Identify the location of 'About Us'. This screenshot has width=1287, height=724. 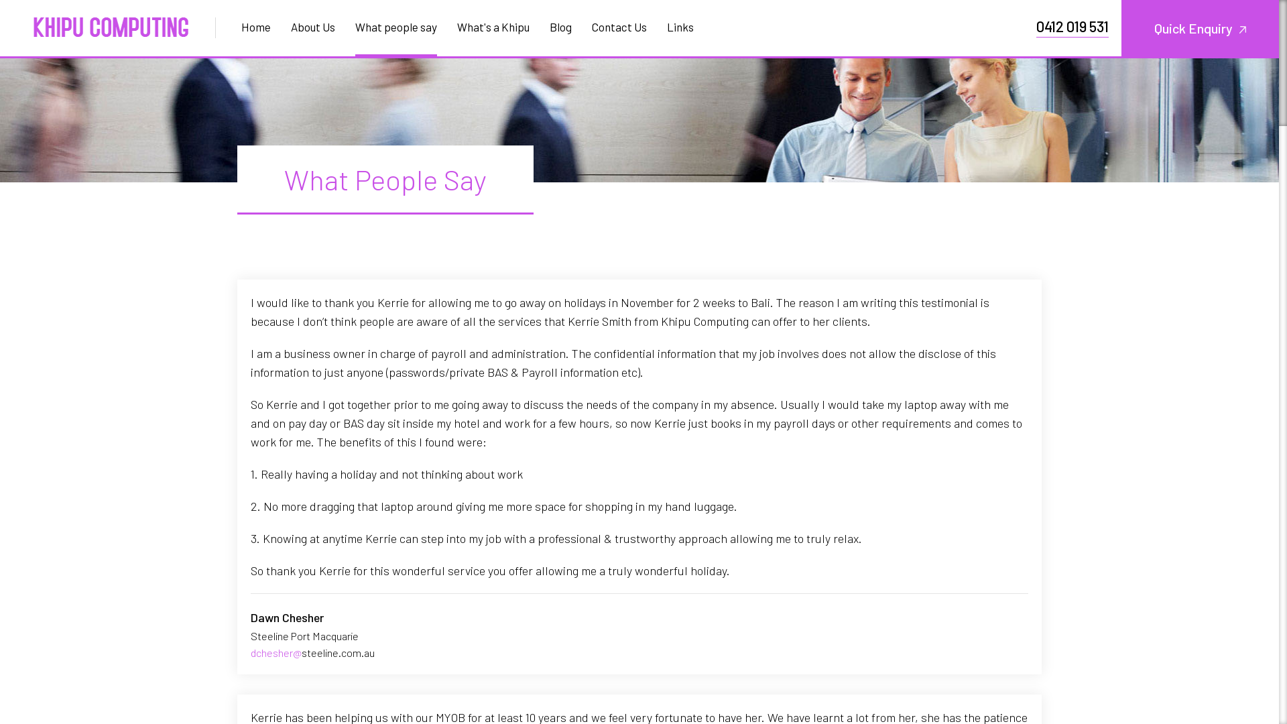
(312, 26).